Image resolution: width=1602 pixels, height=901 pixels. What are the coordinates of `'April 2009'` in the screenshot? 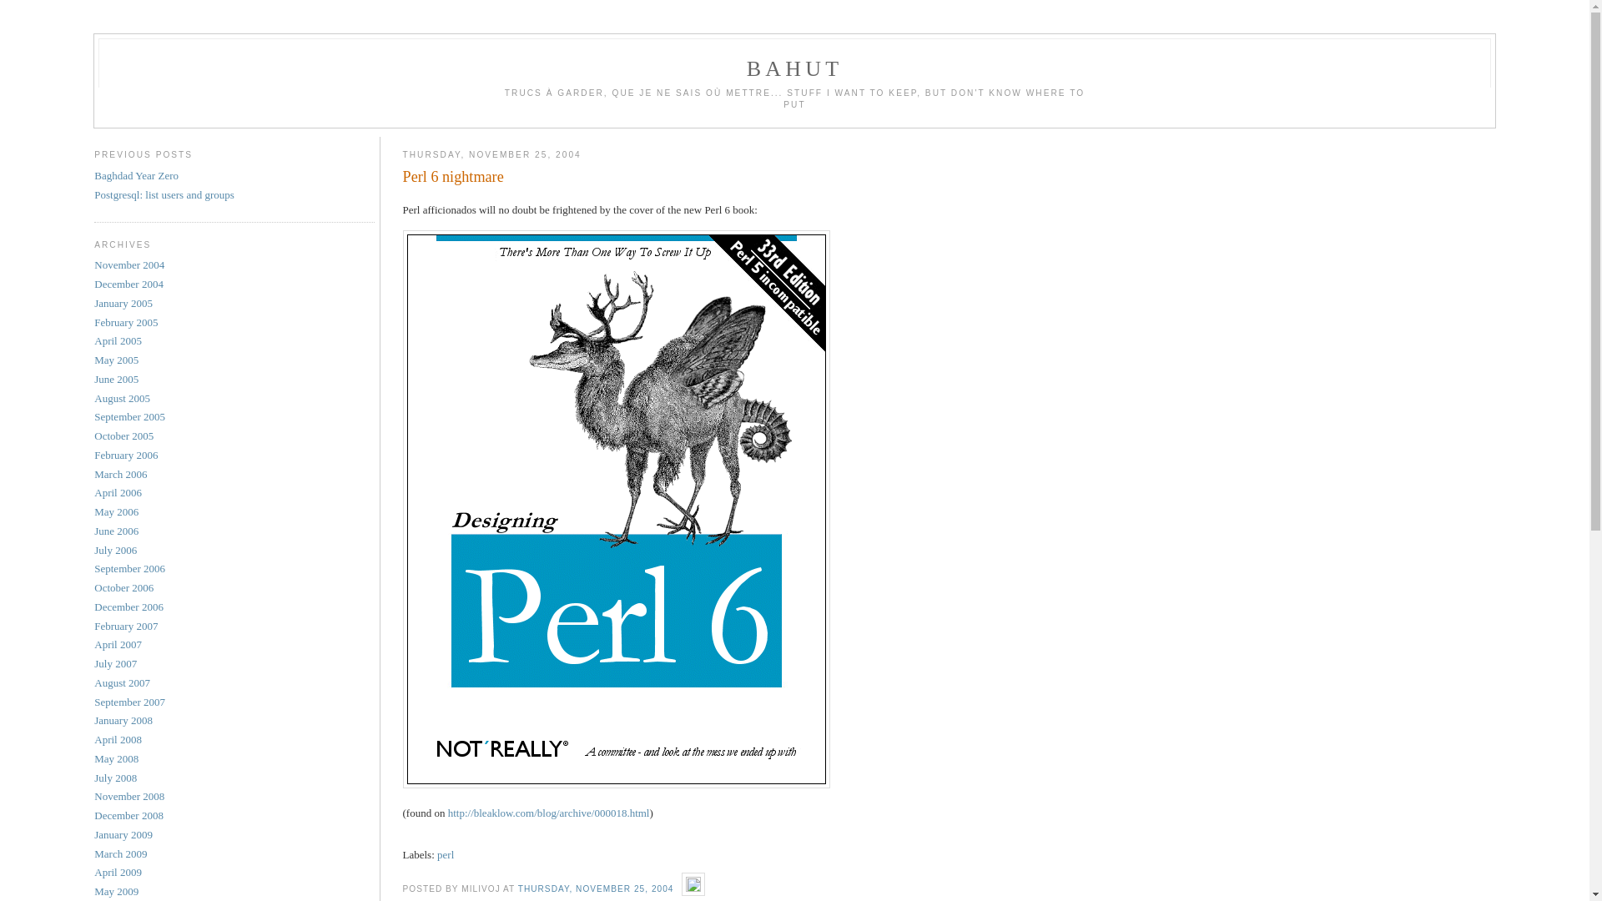 It's located at (117, 871).